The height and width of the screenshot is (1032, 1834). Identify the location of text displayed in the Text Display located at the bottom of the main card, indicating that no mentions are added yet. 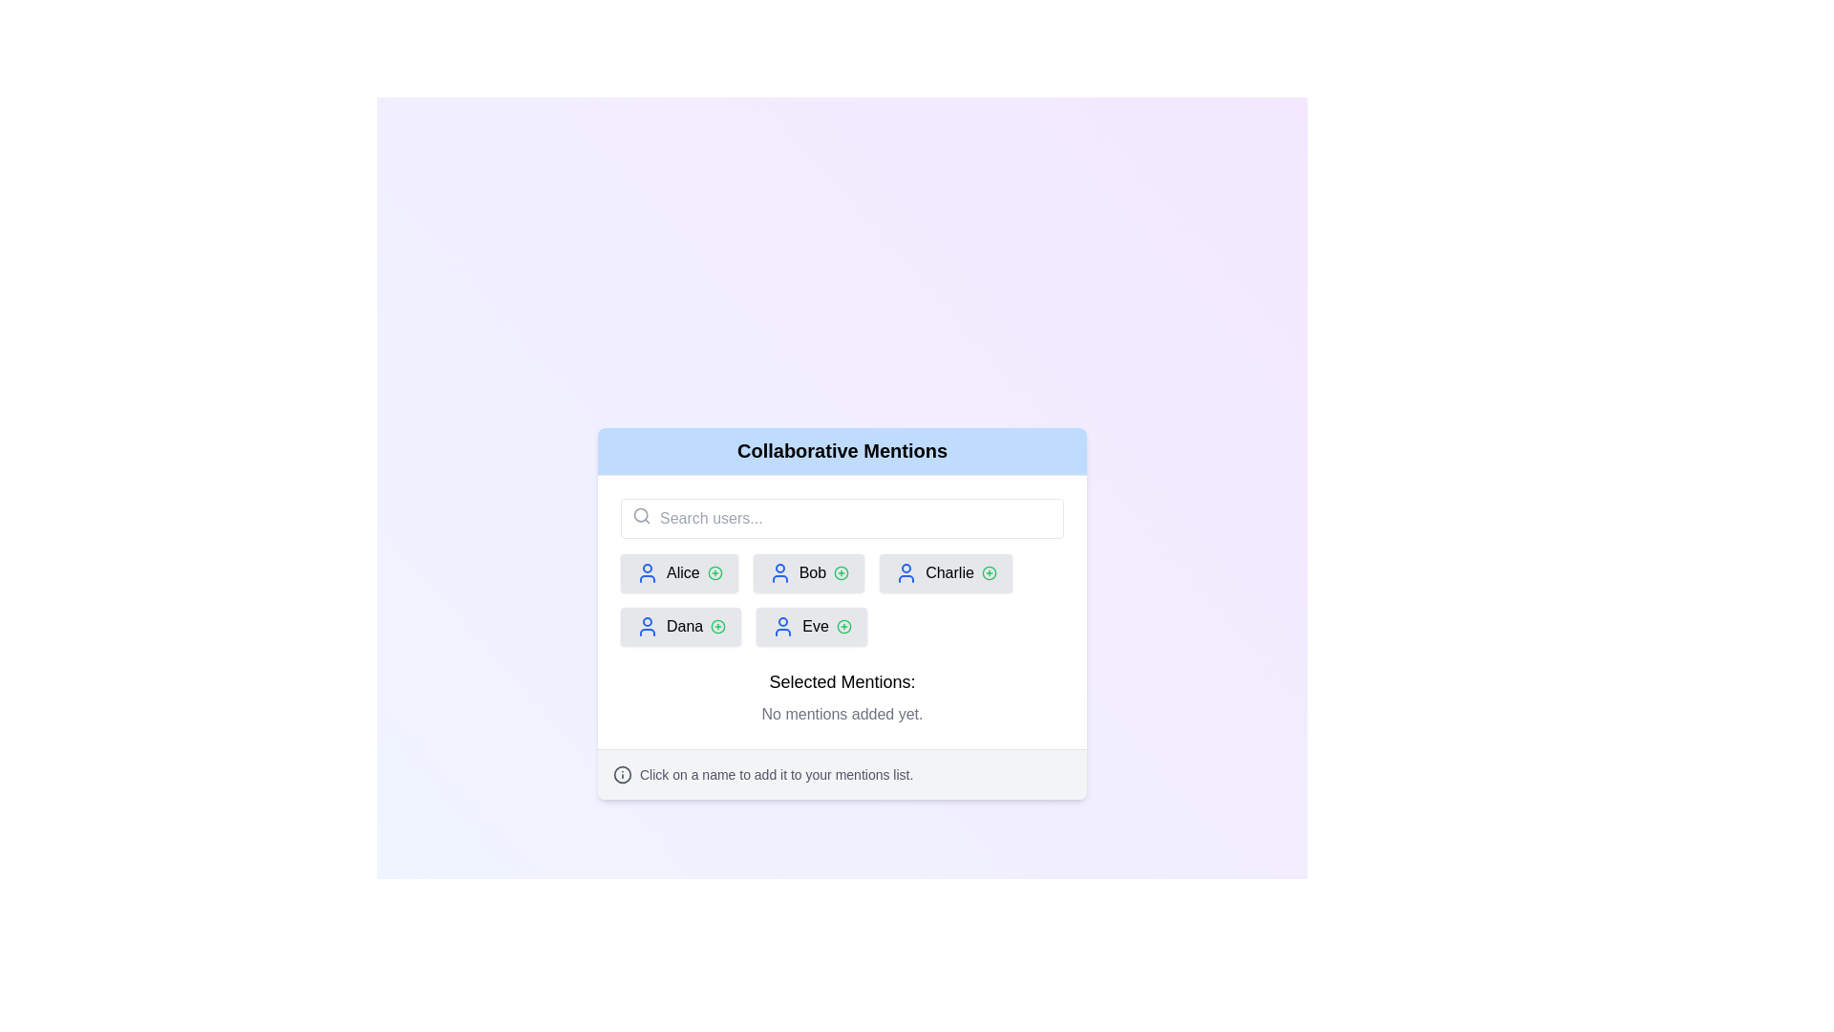
(842, 697).